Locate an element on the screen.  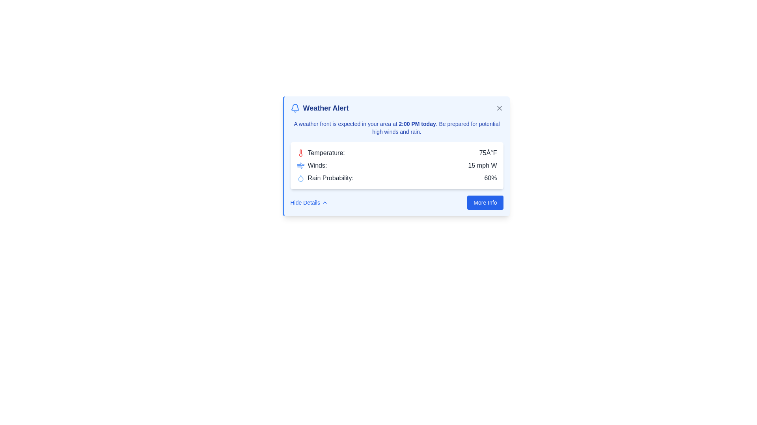
the red thermometer icon located to the immediate left of the 'Temperature' label in the weather alert information section is located at coordinates (300, 153).